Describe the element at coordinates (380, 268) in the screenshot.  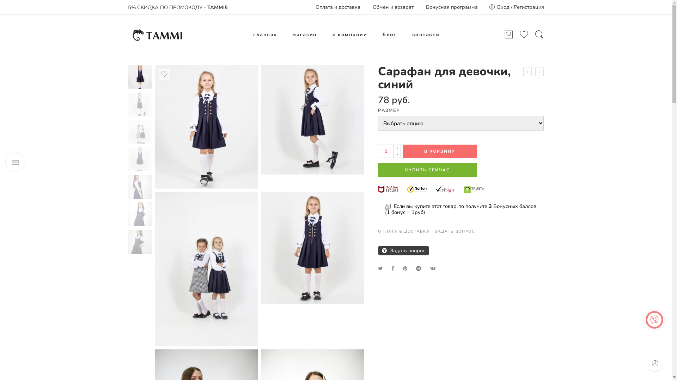
I see `'Share on Twitter'` at that location.